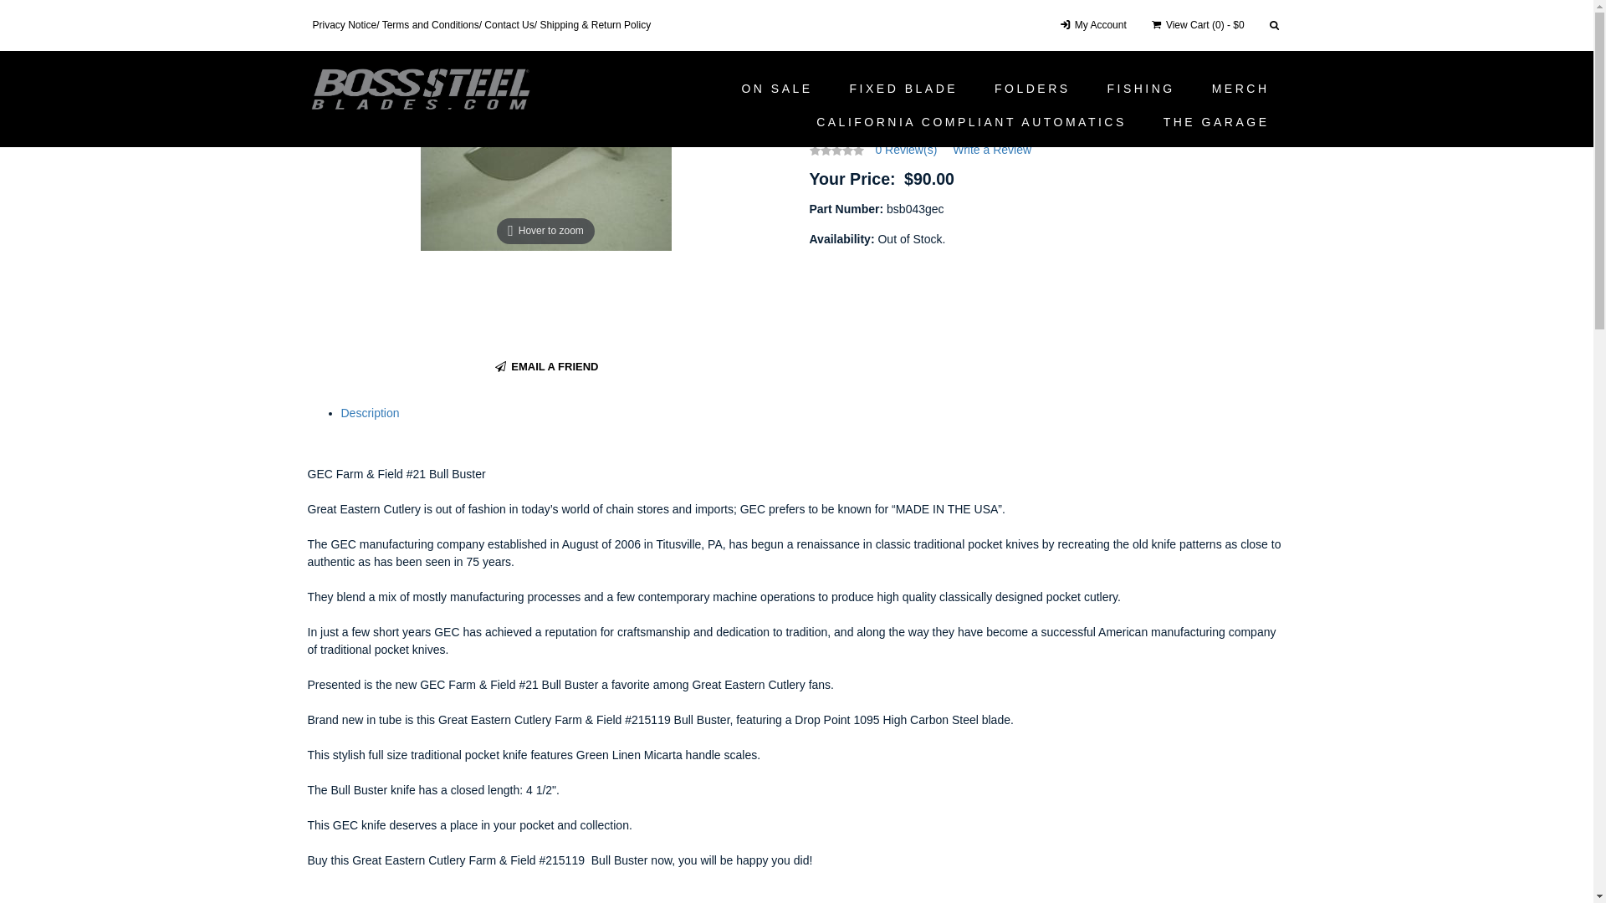 The image size is (1606, 903). Describe the element at coordinates (492, 366) in the screenshot. I see `'EMAIL A FRIEND'` at that location.